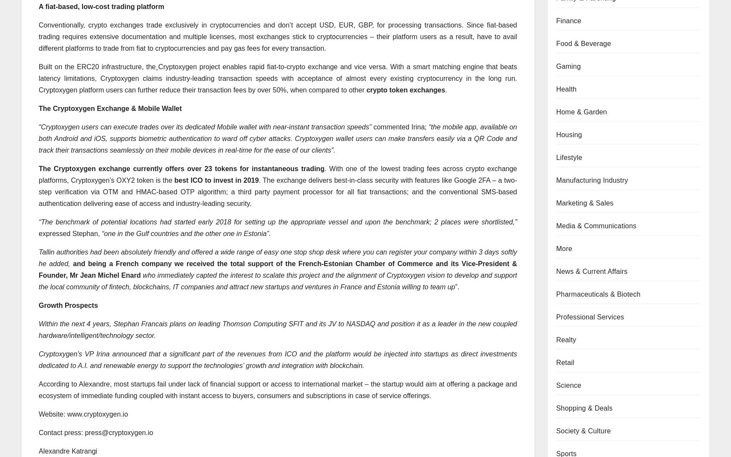 The height and width of the screenshot is (457, 731). I want to click on 'Shopping & Deals', so click(556, 407).